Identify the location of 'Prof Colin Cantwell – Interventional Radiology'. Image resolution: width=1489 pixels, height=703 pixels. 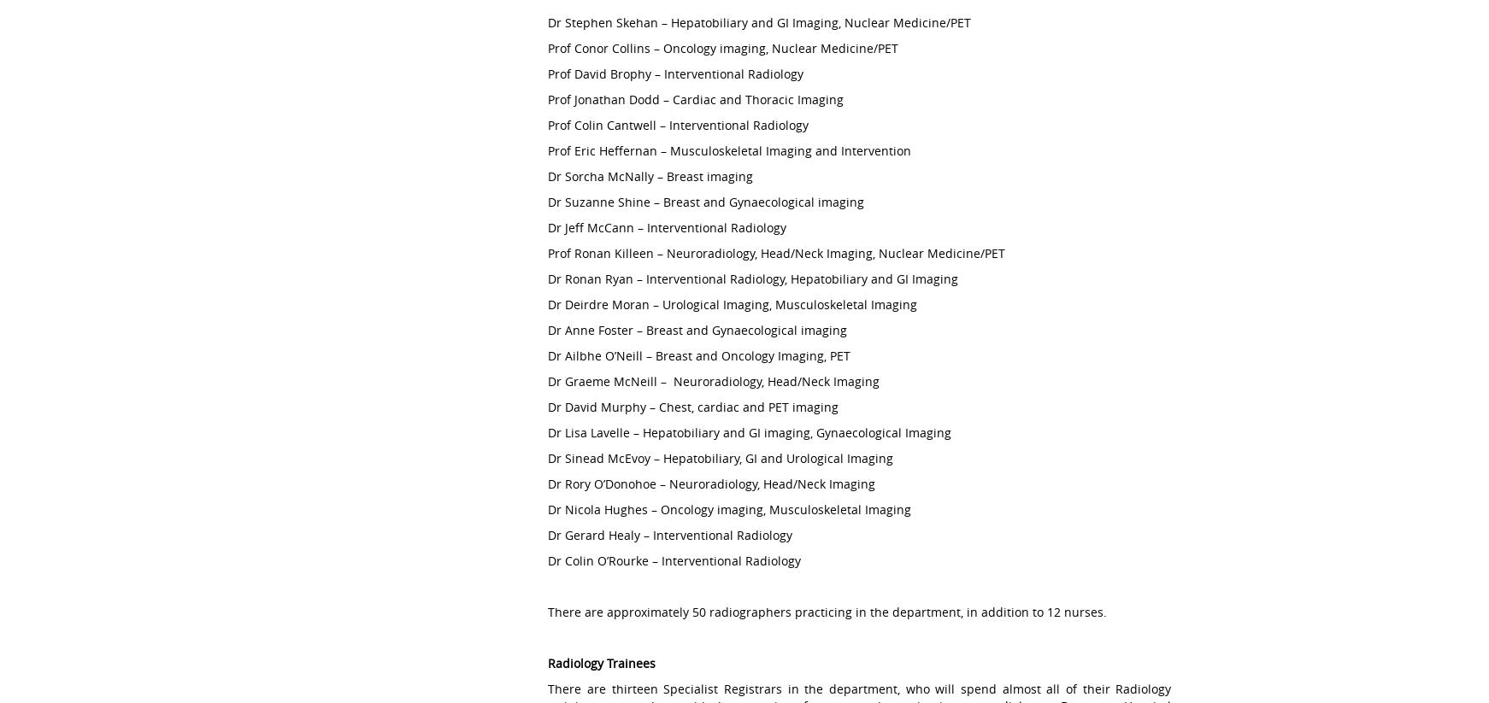
(678, 125).